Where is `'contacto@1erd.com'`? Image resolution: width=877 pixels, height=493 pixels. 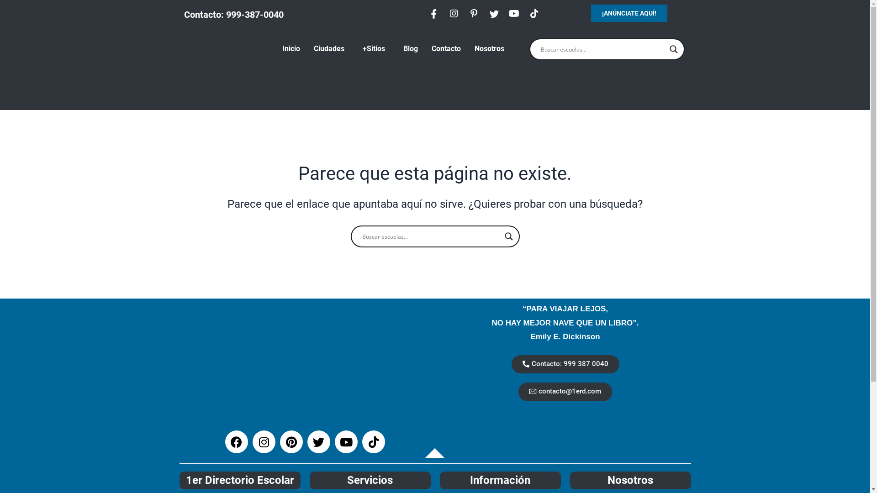 'contacto@1erd.com' is located at coordinates (565, 391).